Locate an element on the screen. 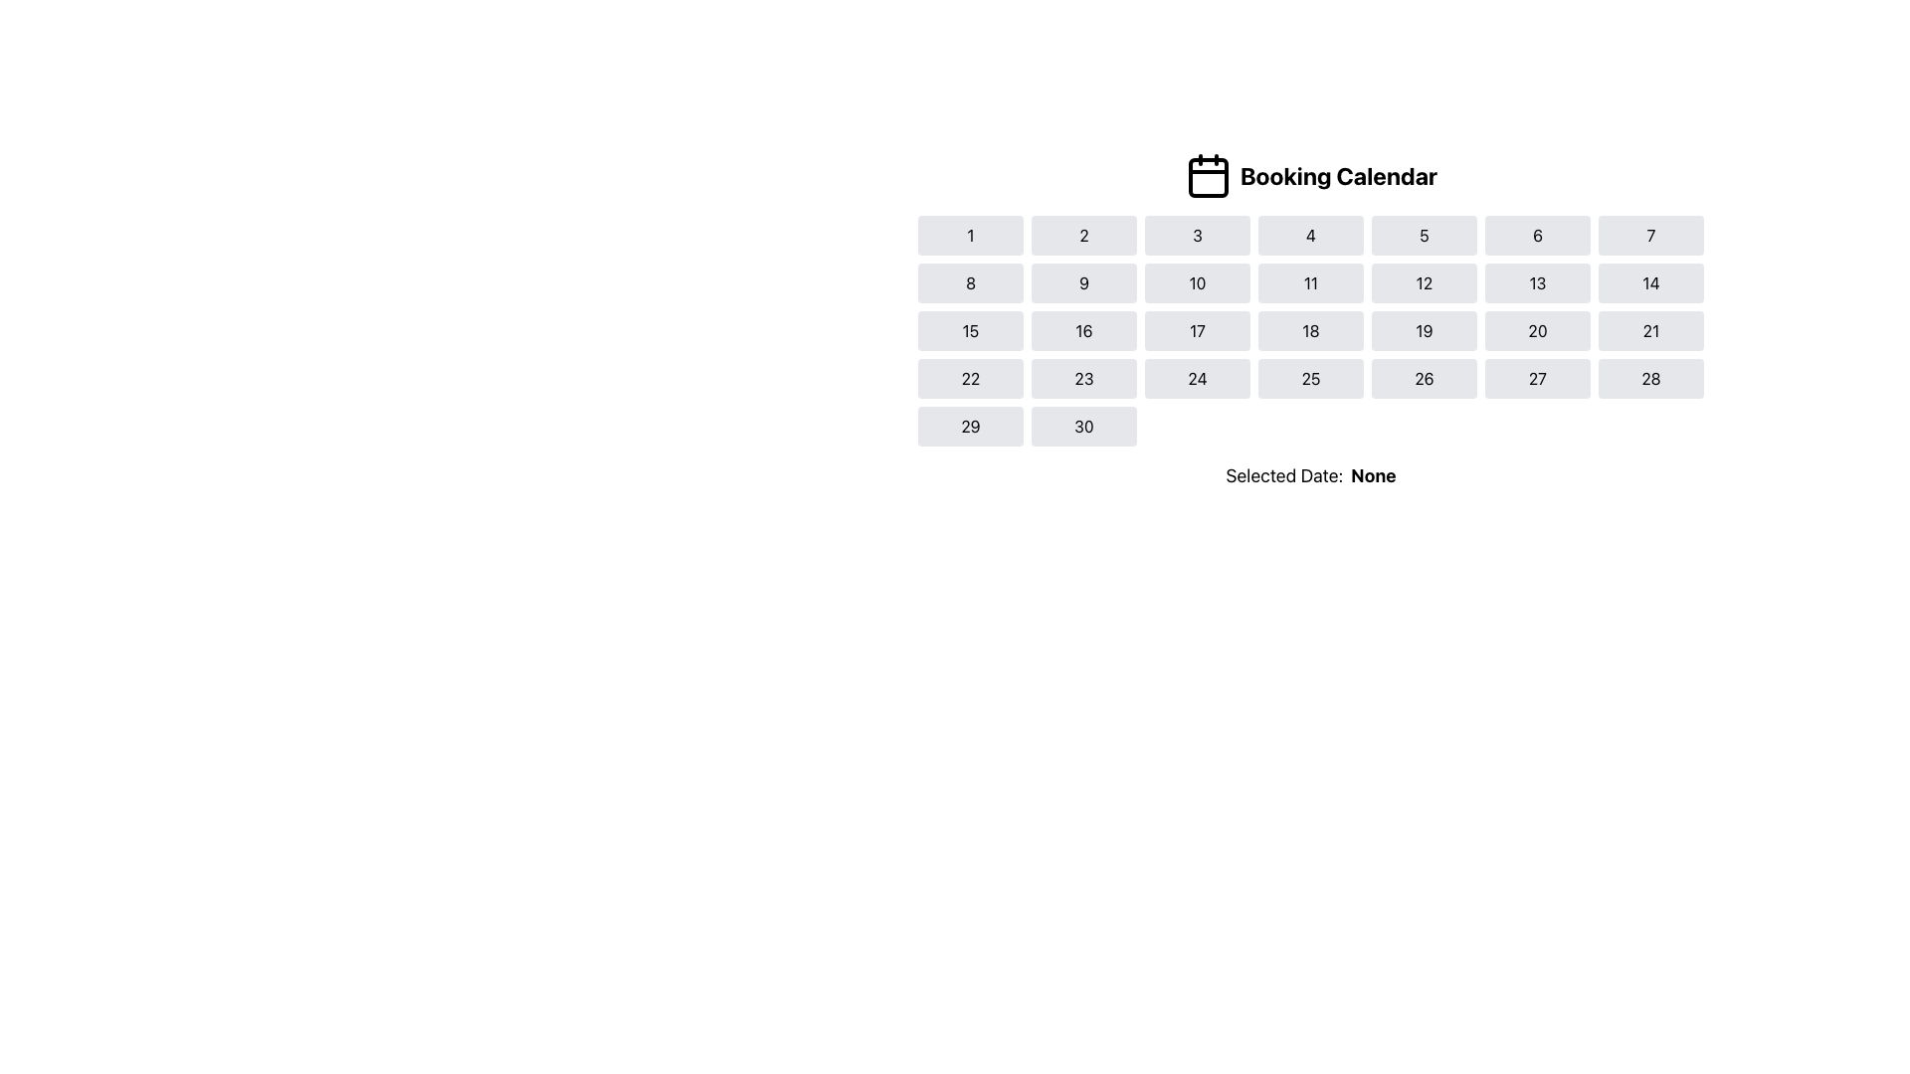 The height and width of the screenshot is (1074, 1910). the rounded rectangular button displaying the number '7' is located at coordinates (1651, 234).